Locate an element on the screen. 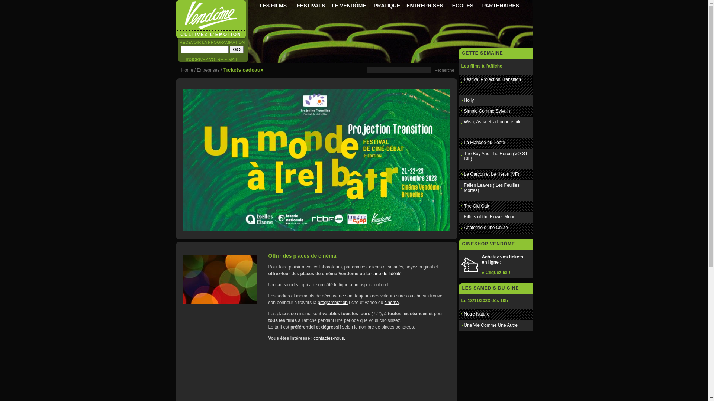 Image resolution: width=714 pixels, height=401 pixels. 'Holly' is located at coordinates (469, 100).